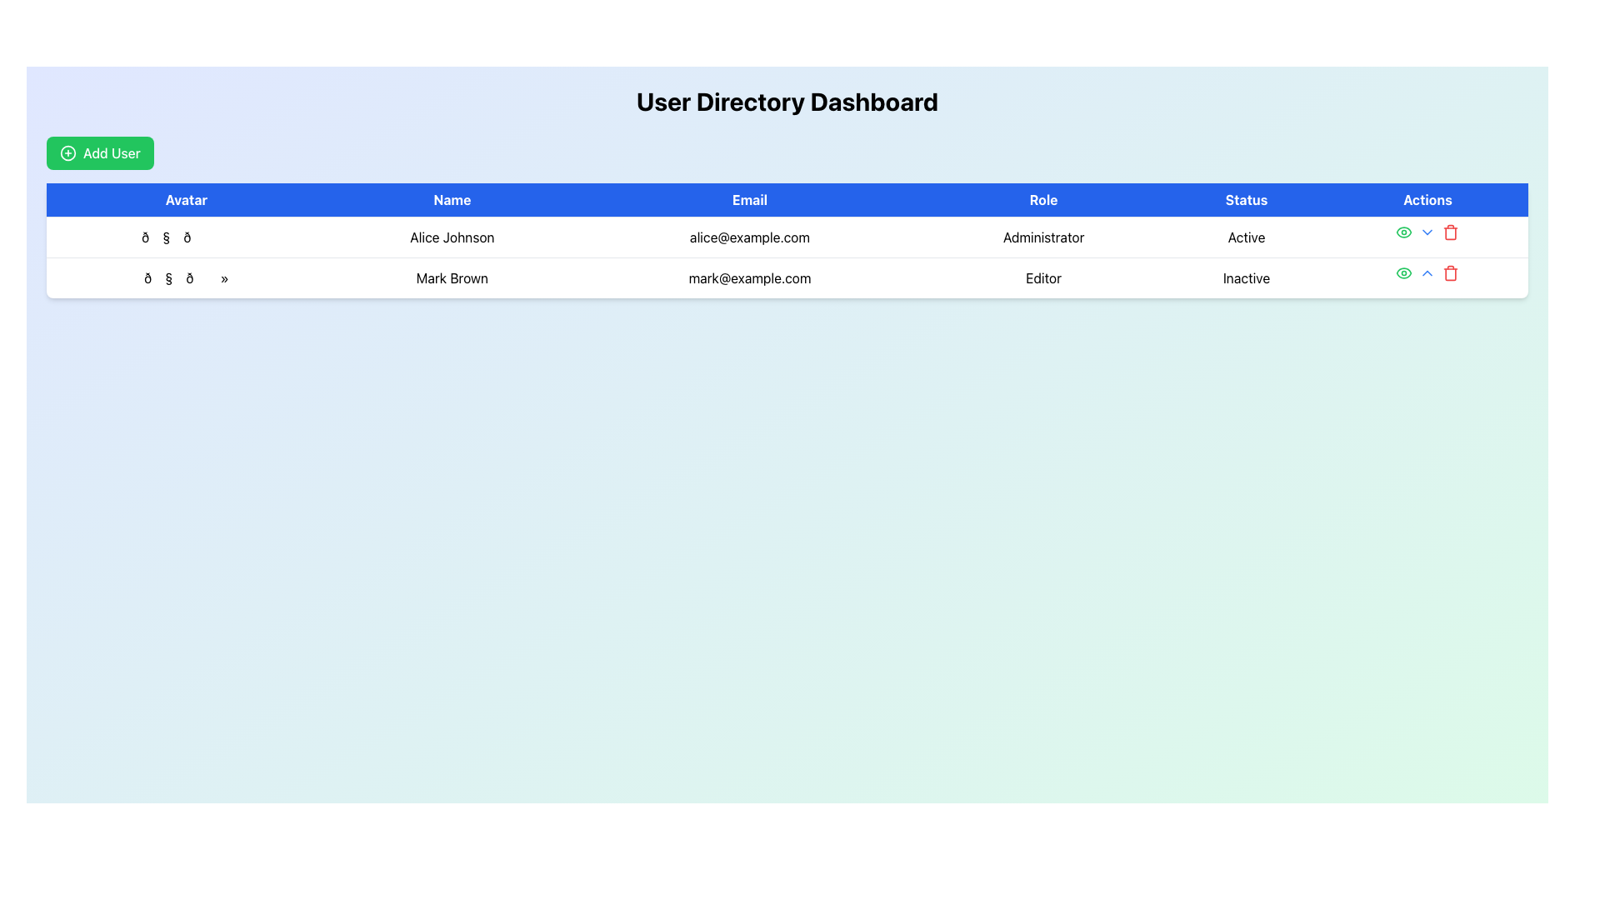 The width and height of the screenshot is (1600, 900). Describe the element at coordinates (749, 237) in the screenshot. I see `the email address 'alice@example.com' located in the third cell of the first data row in the 'Email' column of the table` at that location.